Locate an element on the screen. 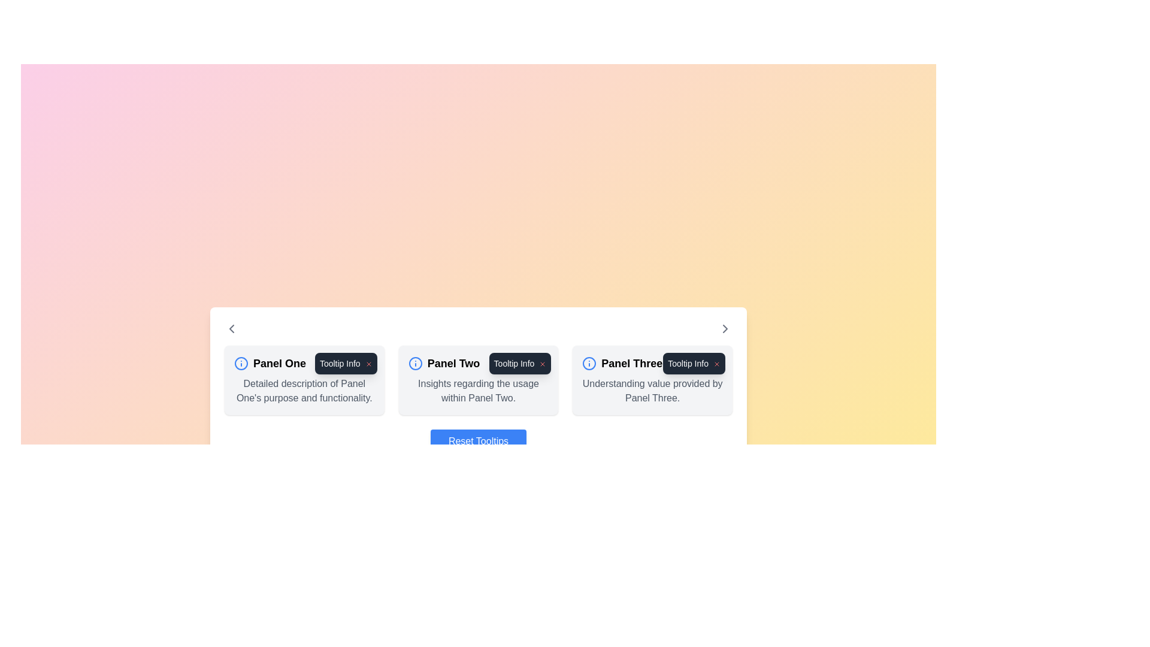  the blue outlined circle icon containing the letter 'i' located at the leftmost part of the header in 'Panel One' is located at coordinates (241, 362).